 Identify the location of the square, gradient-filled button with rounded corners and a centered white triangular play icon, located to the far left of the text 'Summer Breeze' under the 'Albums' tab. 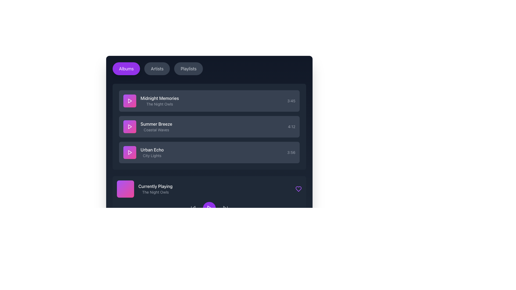
(130, 126).